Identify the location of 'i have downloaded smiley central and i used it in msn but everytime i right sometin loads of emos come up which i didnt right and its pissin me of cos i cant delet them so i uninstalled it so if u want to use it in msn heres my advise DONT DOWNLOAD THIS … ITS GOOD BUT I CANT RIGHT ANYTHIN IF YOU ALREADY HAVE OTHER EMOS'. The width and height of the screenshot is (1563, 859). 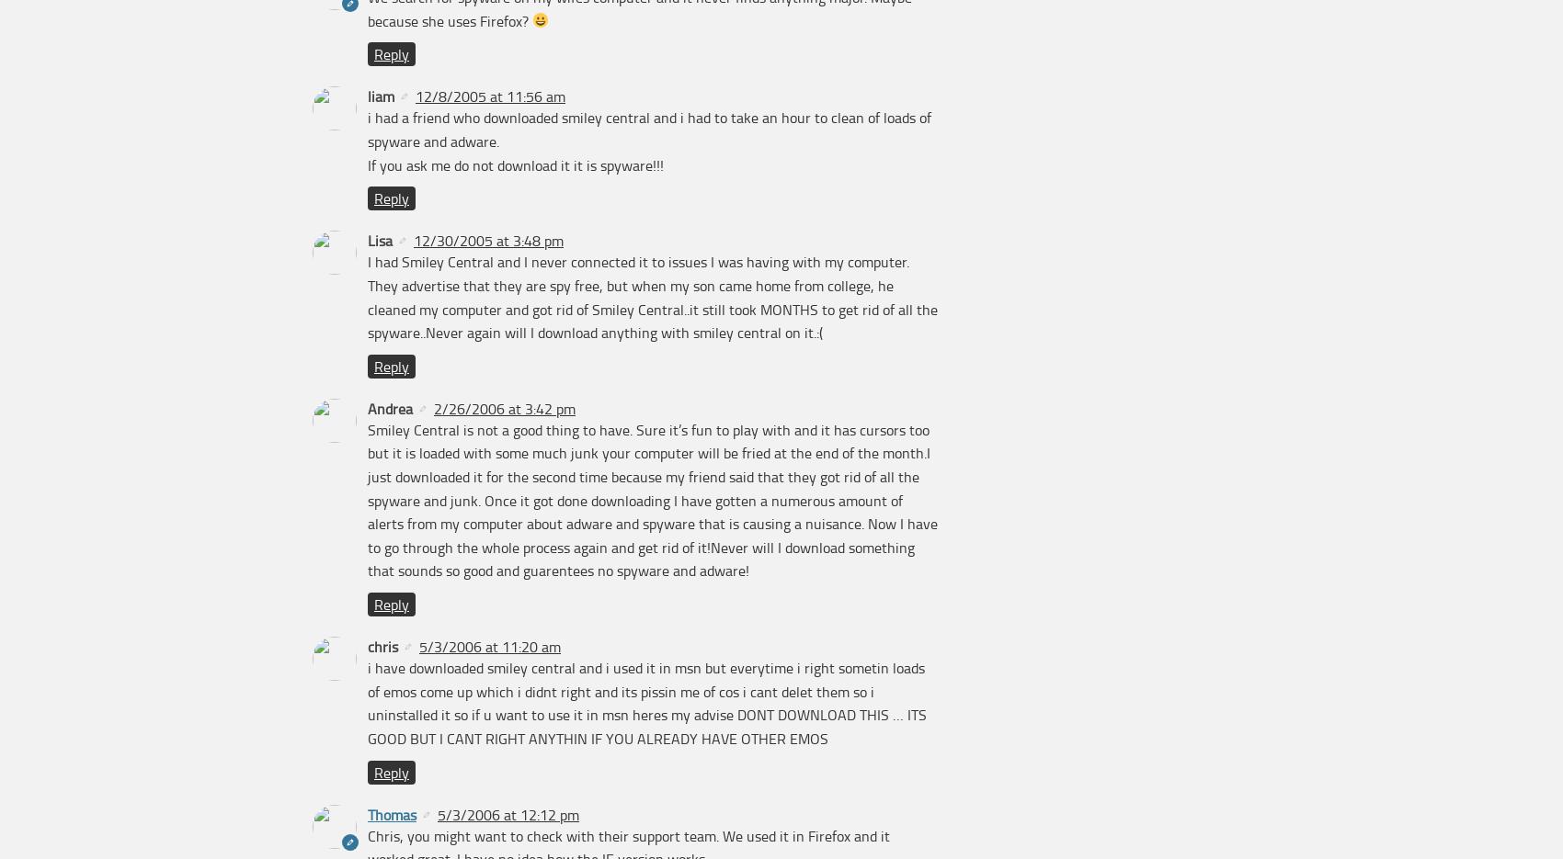
(367, 703).